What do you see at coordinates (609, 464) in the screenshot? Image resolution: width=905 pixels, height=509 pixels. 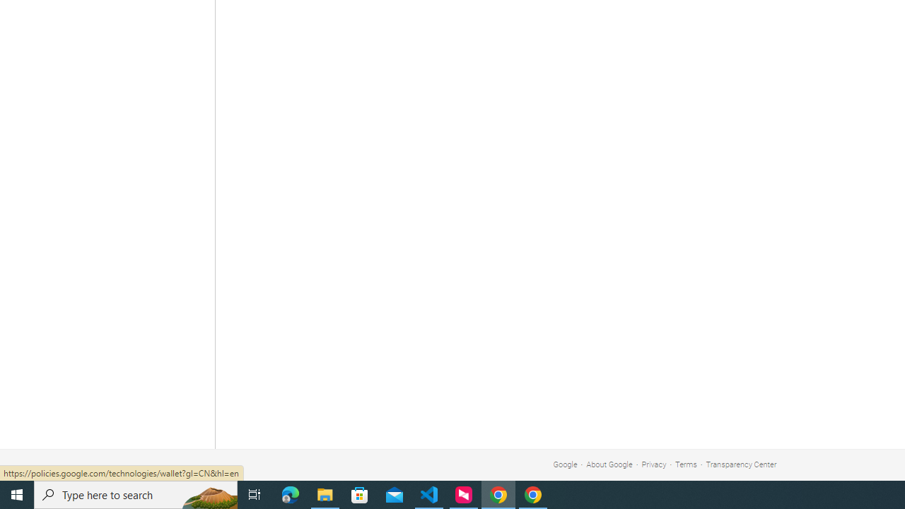 I see `'About Google'` at bounding box center [609, 464].